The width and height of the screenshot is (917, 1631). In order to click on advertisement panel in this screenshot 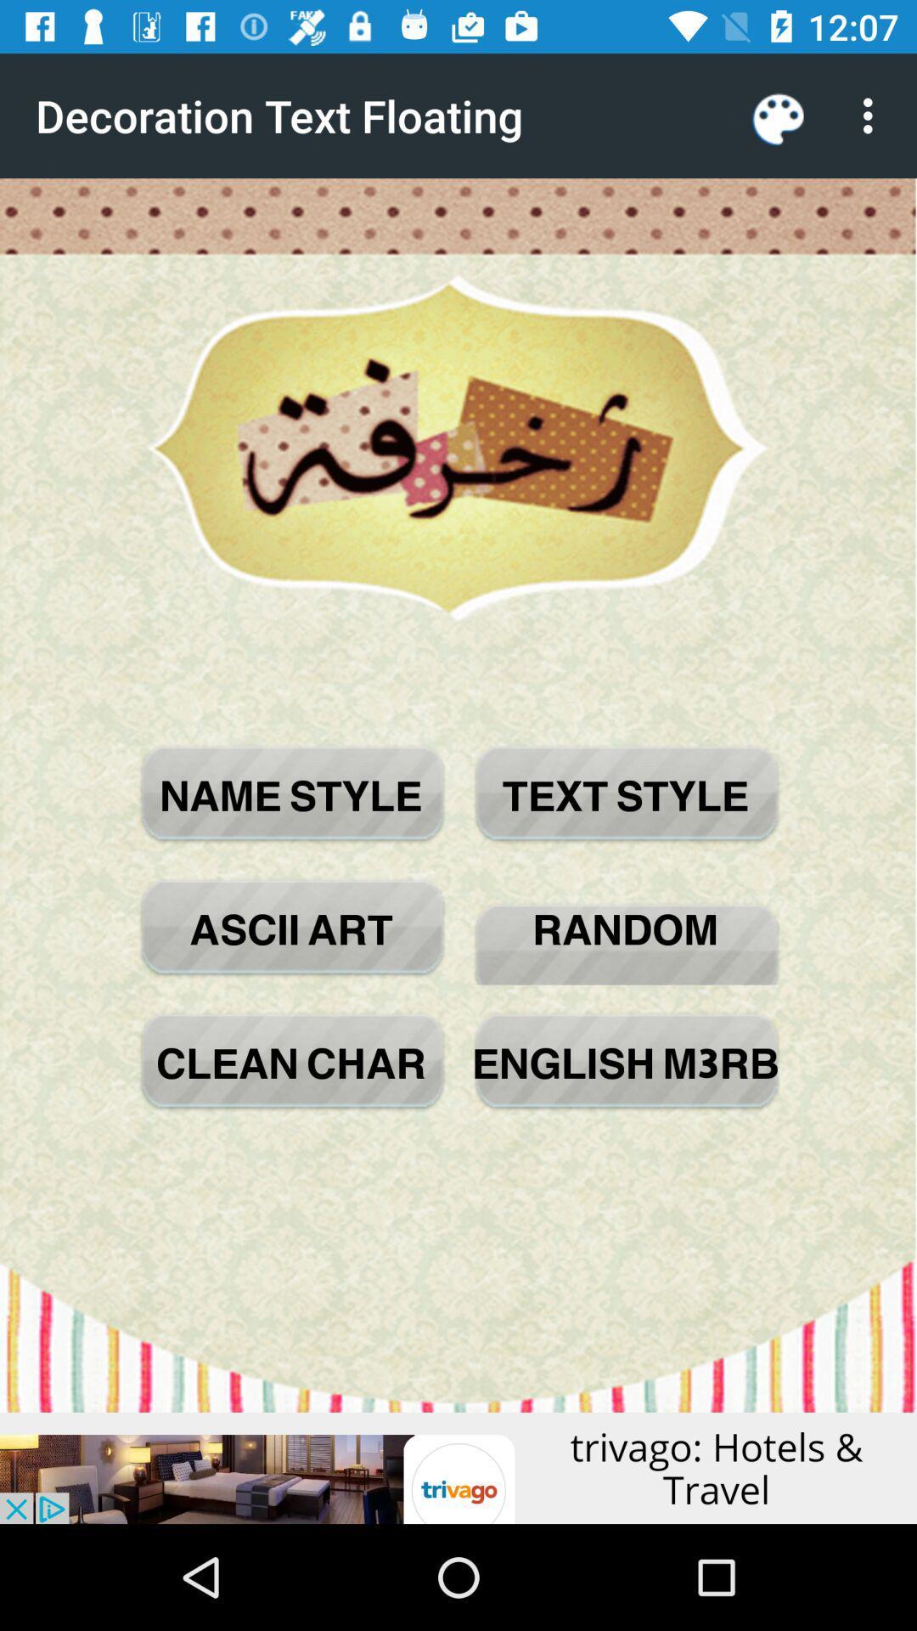, I will do `click(458, 1467)`.